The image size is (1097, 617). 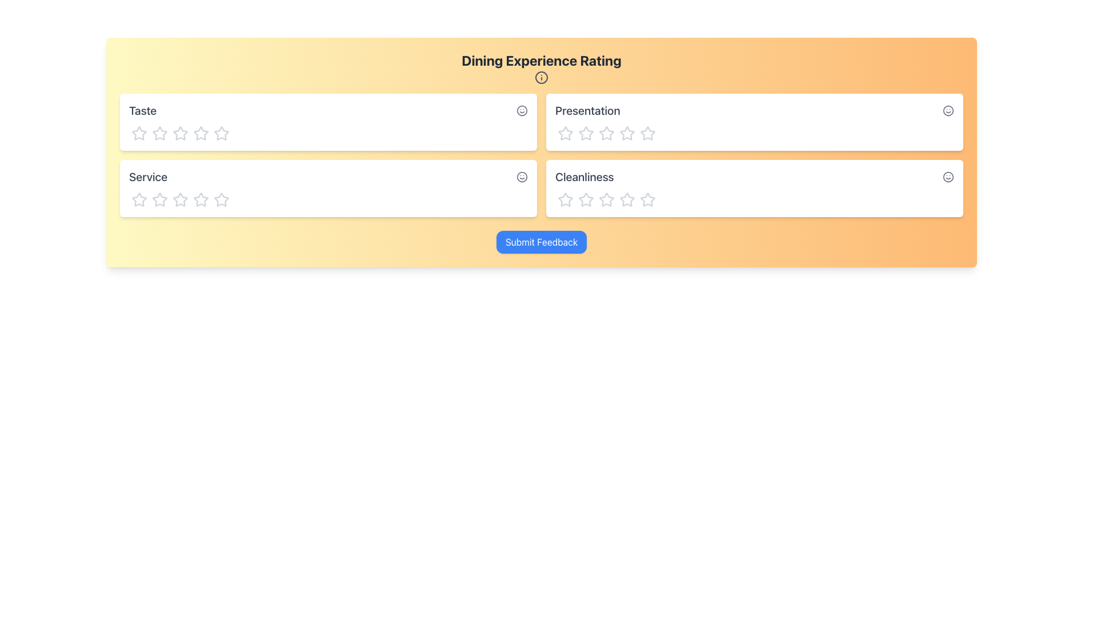 I want to click on the first rating star icon under the 'Service' label, so click(x=139, y=198).